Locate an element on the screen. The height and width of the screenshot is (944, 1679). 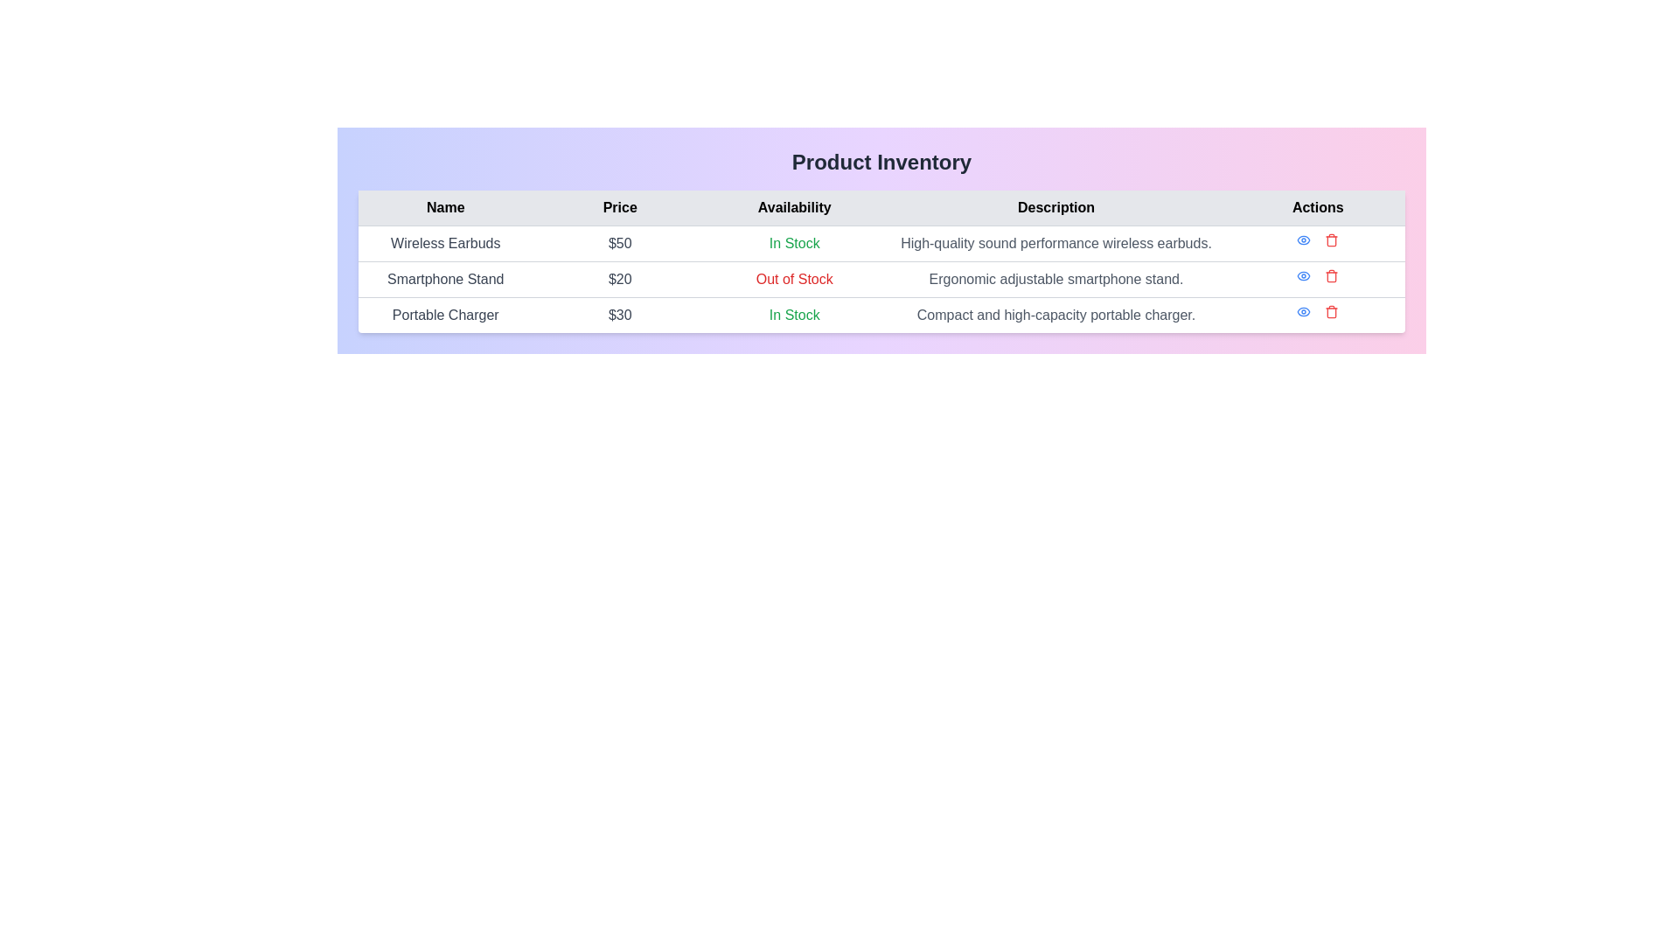
the Text Label displaying 'Ergonomic adjustable smartphone stand.' in the Description column of the product inventory table is located at coordinates (1055, 279).